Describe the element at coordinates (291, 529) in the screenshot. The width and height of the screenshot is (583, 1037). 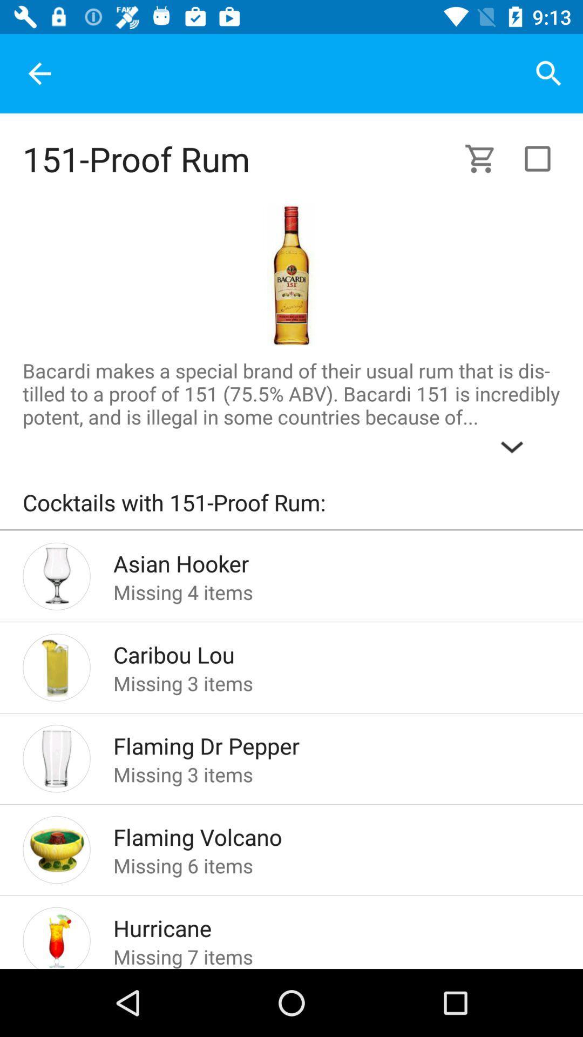
I see `item below the cocktails with 151 item` at that location.